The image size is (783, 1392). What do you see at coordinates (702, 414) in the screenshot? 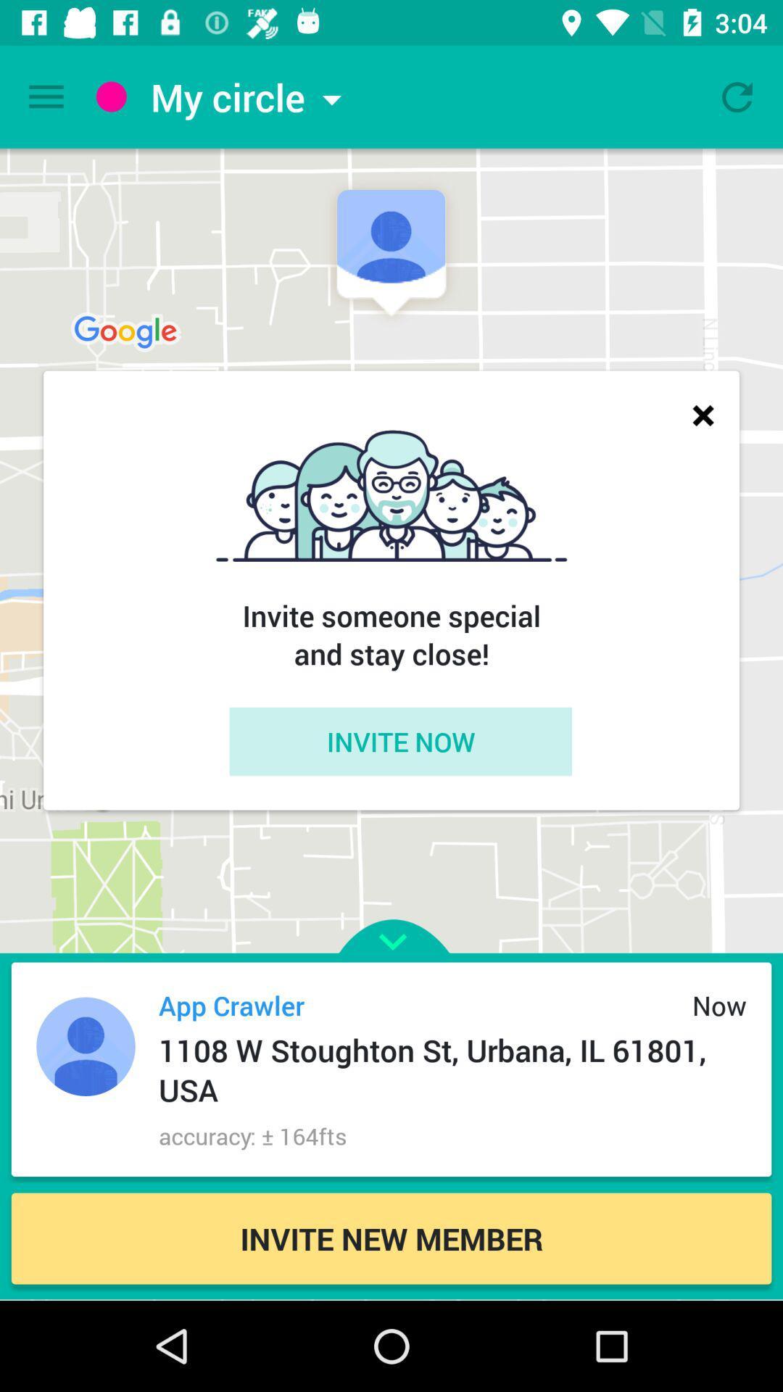
I see `hit x to close` at bounding box center [702, 414].